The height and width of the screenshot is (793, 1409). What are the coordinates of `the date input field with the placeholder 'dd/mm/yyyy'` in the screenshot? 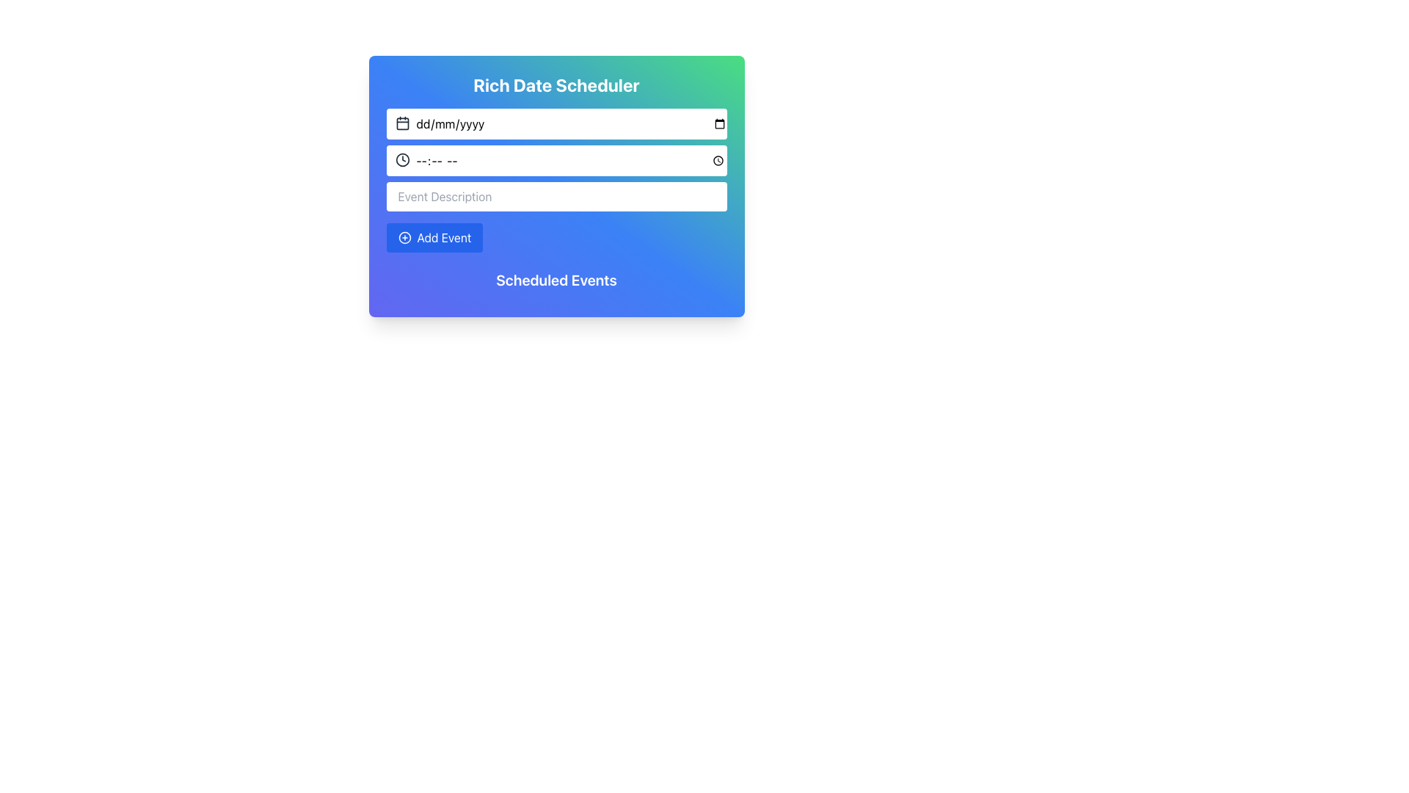 It's located at (556, 123).